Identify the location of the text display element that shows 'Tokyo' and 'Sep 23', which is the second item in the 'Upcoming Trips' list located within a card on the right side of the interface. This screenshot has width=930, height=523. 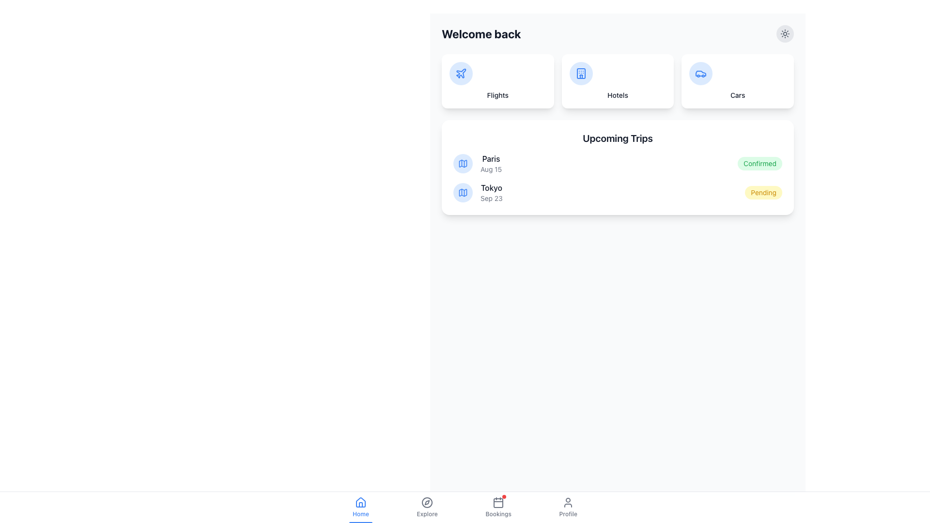
(491, 192).